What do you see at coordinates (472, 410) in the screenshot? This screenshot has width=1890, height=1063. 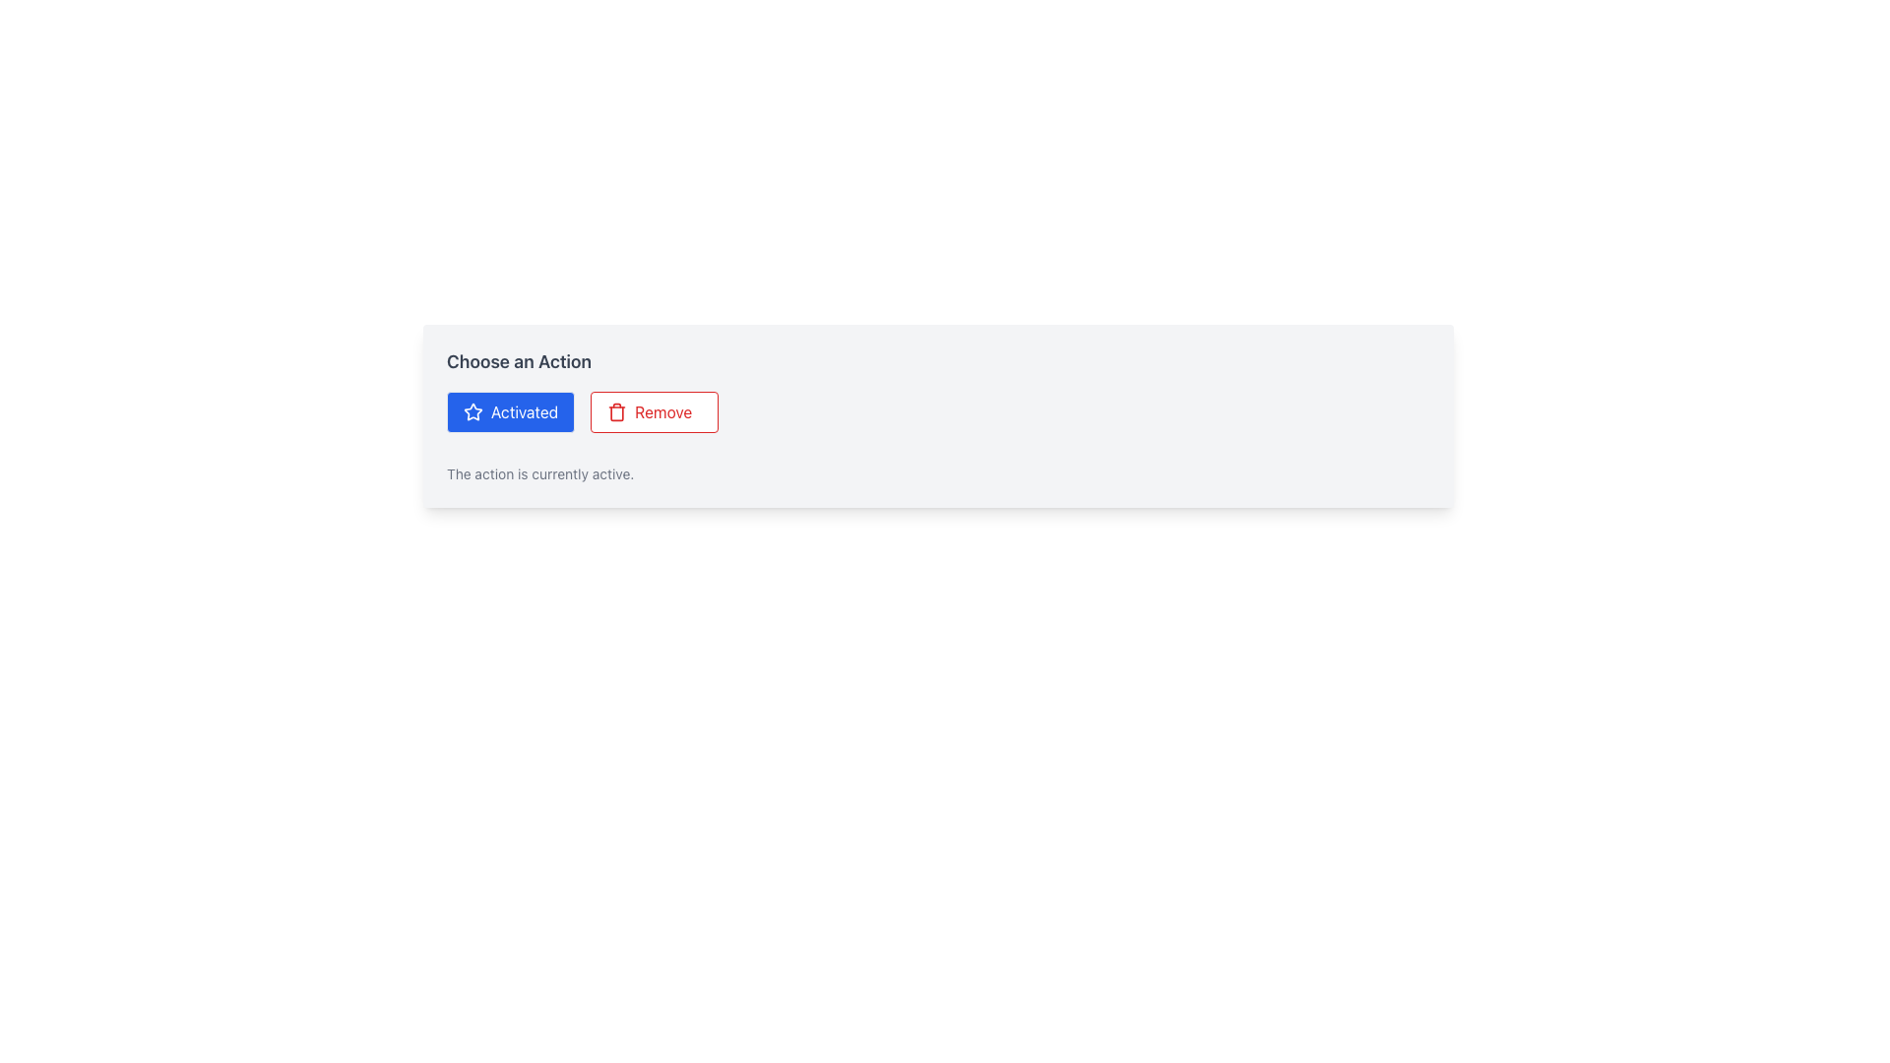 I see `the icon (SVG graphic) that complements the label of the 'Activated' button, which is centrally positioned within the blue button located towards the left in a row of buttons` at bounding box center [472, 410].